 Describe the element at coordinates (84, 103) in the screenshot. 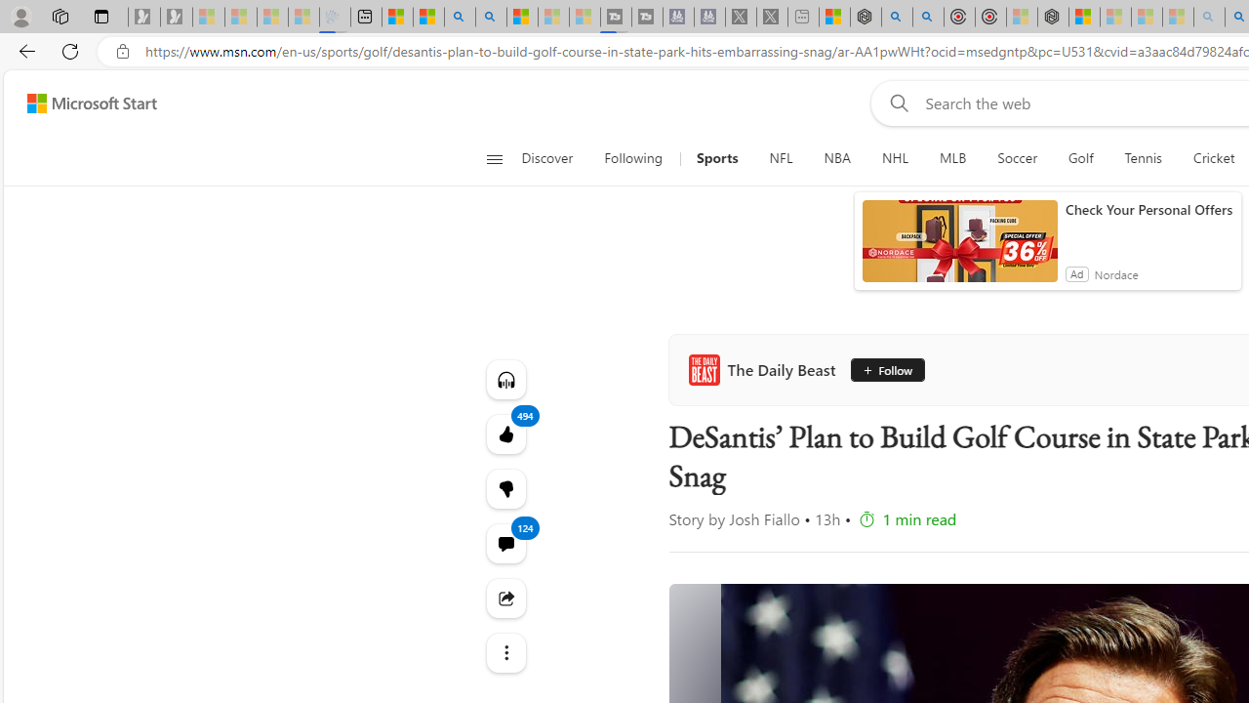

I see `'Skip to content'` at that location.